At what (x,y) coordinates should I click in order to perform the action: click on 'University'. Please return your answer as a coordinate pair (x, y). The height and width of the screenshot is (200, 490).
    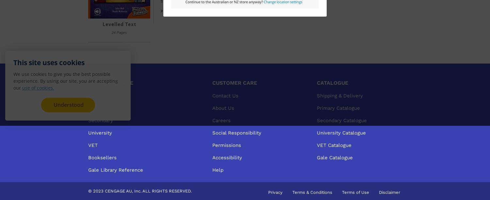
    Looking at the image, I should click on (100, 133).